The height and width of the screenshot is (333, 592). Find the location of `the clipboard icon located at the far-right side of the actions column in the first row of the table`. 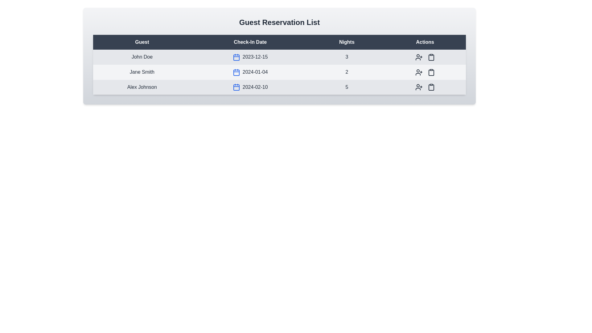

the clipboard icon located at the far-right side of the actions column in the first row of the table is located at coordinates (431, 57).